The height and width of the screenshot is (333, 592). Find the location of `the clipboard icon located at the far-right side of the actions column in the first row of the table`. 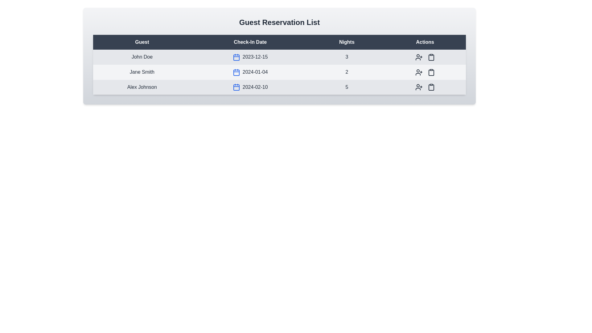

the clipboard icon located at the far-right side of the actions column in the first row of the table is located at coordinates (431, 57).